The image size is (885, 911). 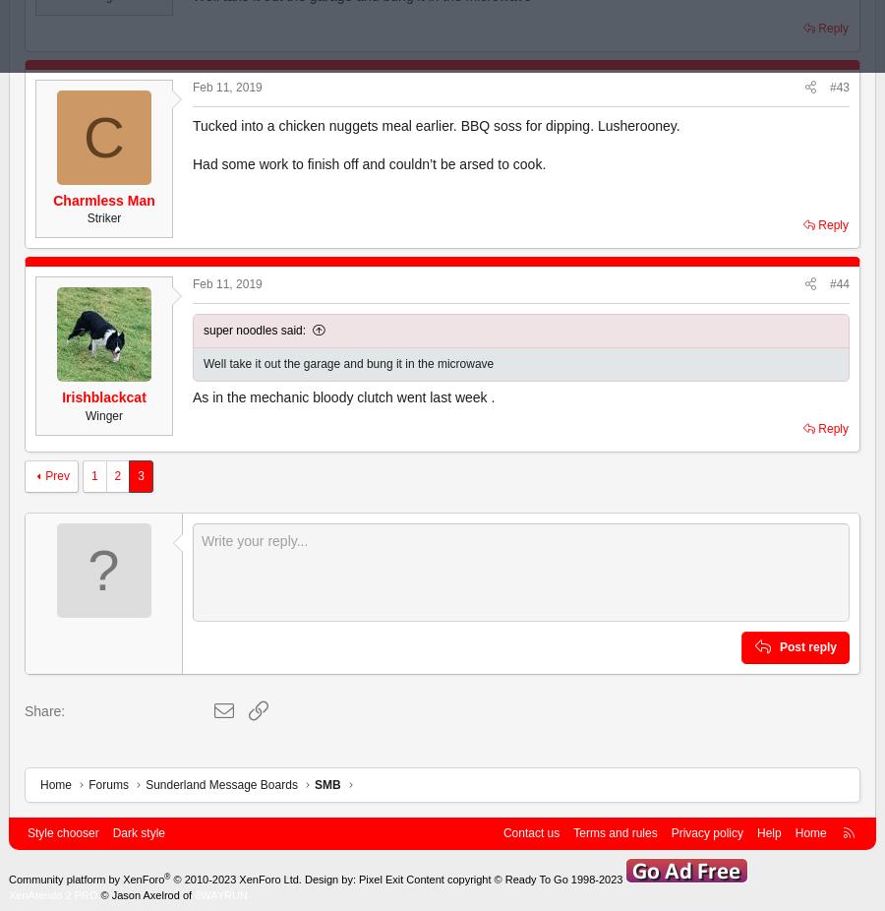 What do you see at coordinates (300, 879) in the screenshot?
I see `'Design by:'` at bounding box center [300, 879].